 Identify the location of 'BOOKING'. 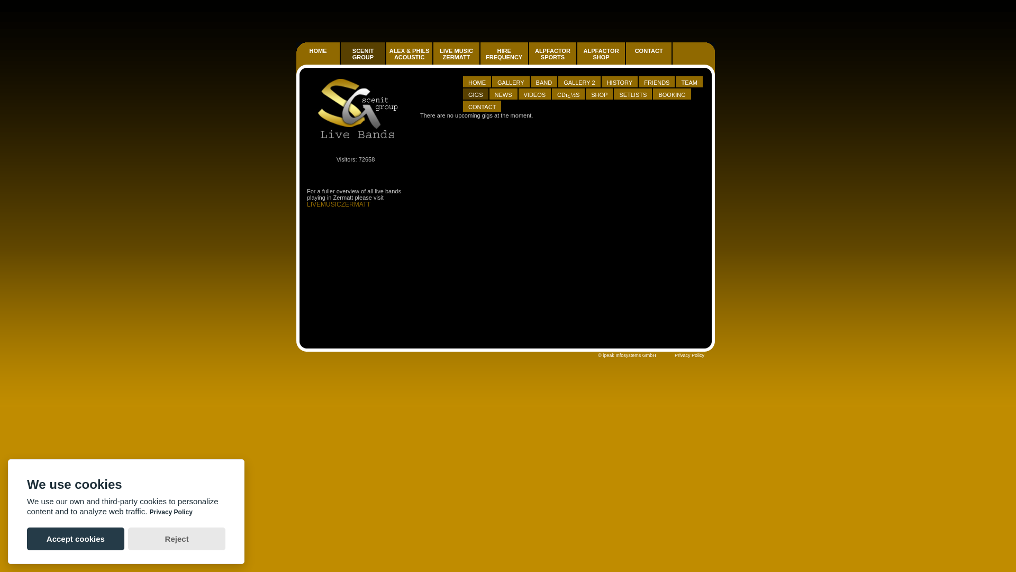
(671, 94).